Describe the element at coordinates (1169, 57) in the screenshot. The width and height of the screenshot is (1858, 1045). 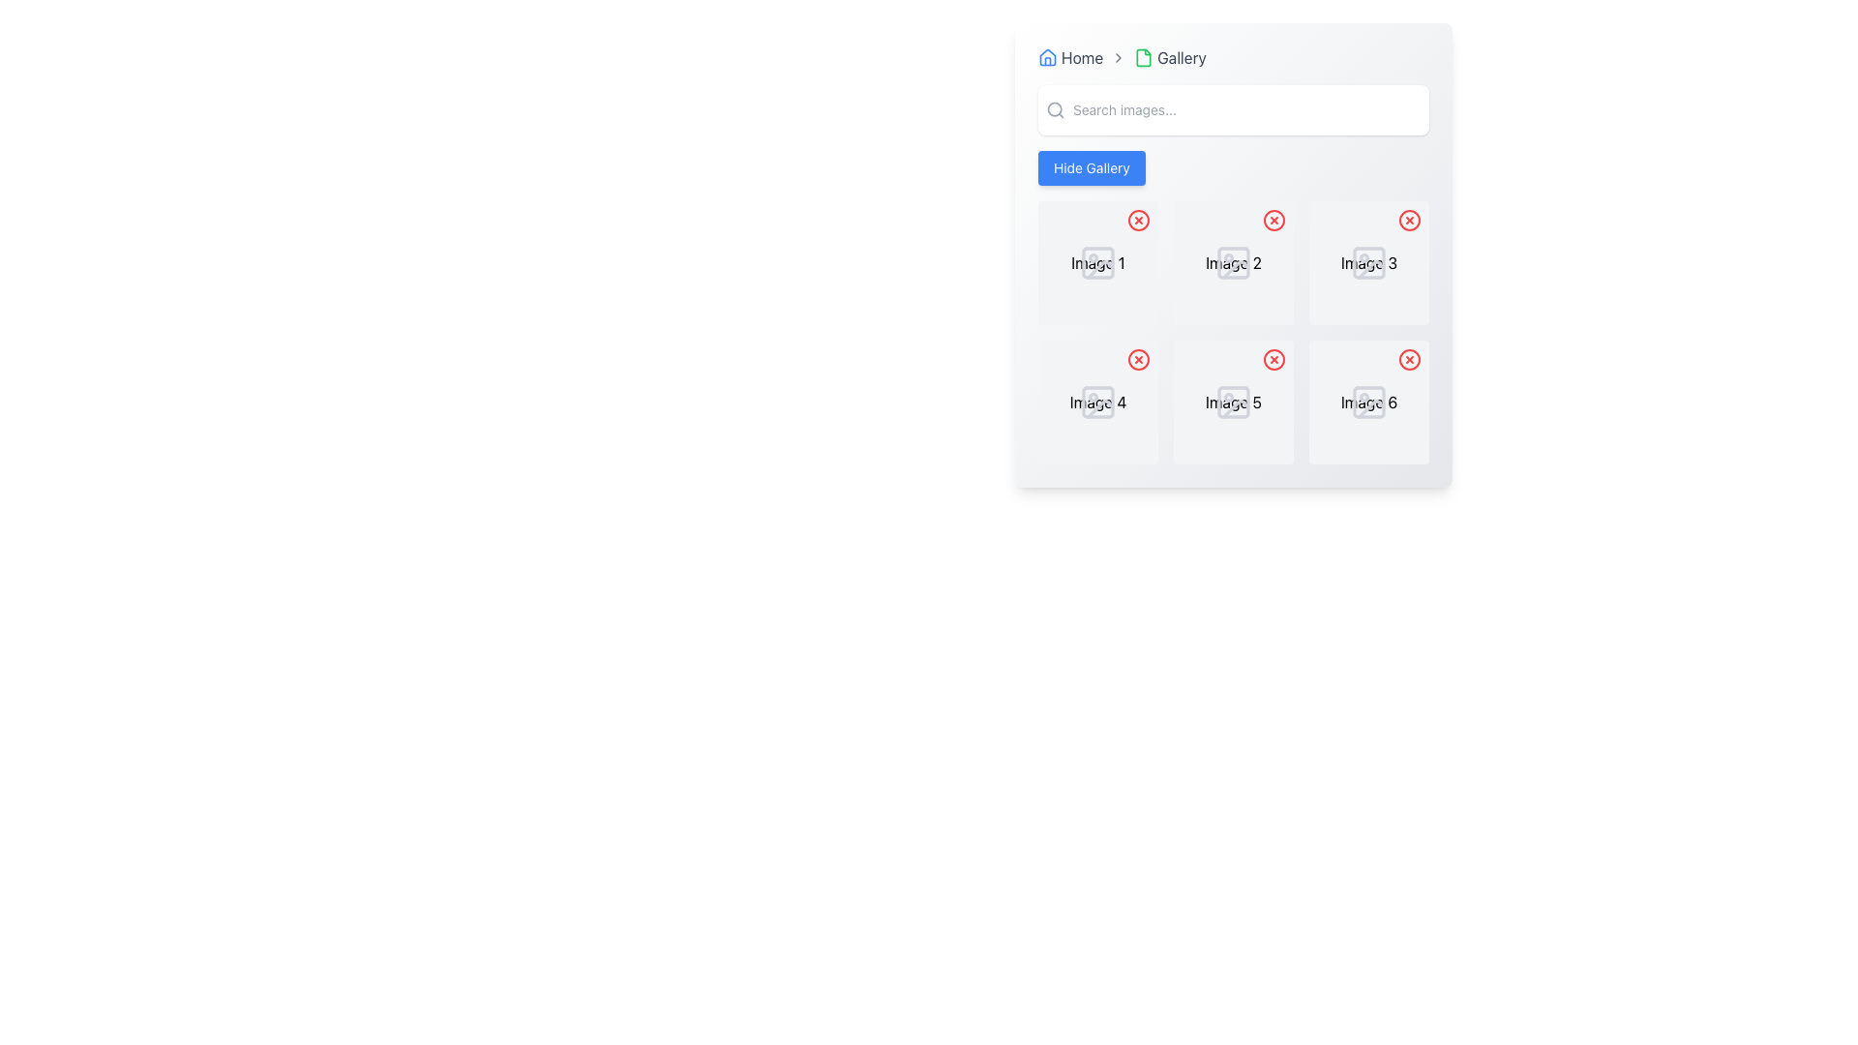
I see `the 'Gallery' navigation link in the top navigation bar` at that location.